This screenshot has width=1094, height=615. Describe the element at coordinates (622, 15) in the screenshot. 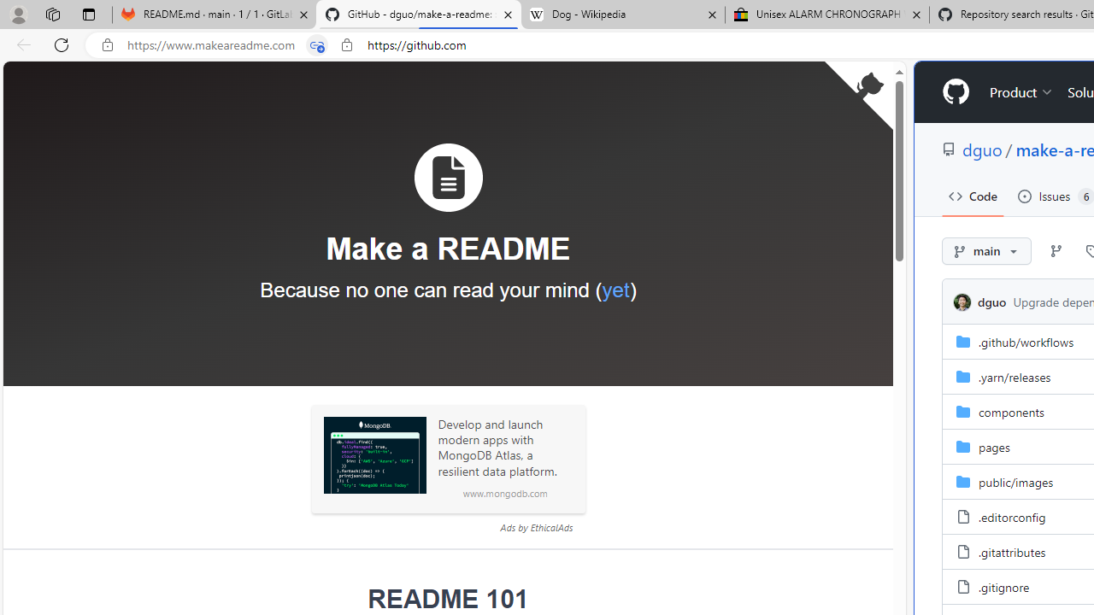

I see `'Dog - Wikipedia'` at that location.